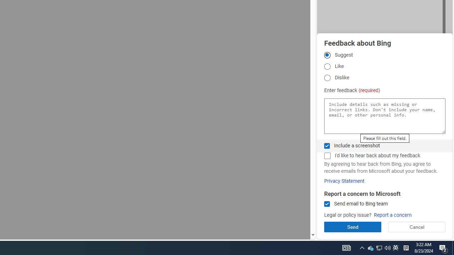  Describe the element at coordinates (392, 215) in the screenshot. I see `'Report a concern'` at that location.